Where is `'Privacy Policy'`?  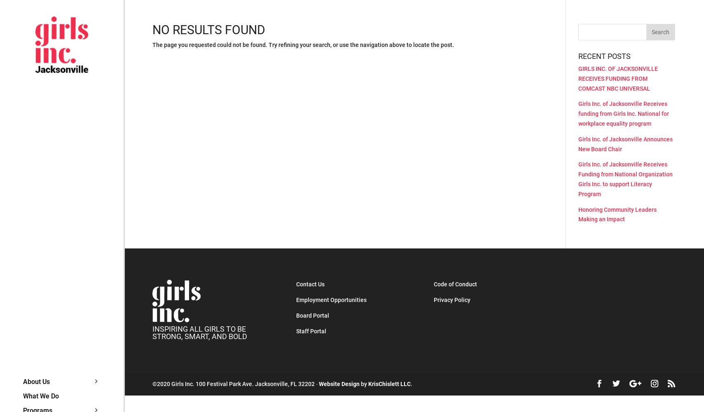
'Privacy Policy' is located at coordinates (452, 300).